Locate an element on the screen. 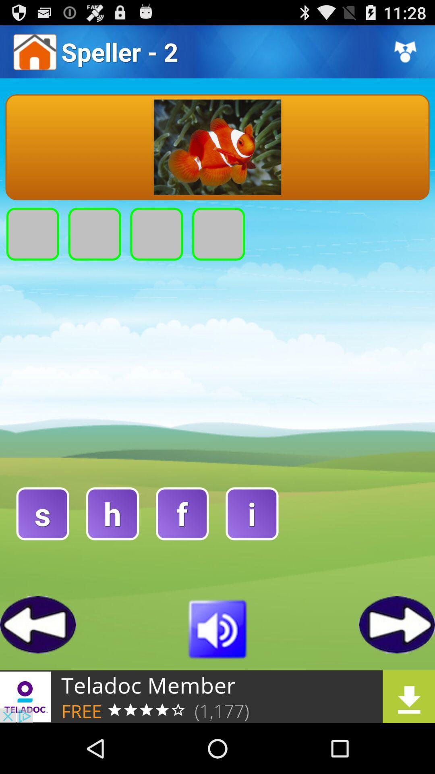 The image size is (435, 774). next page is located at coordinates (396, 624).